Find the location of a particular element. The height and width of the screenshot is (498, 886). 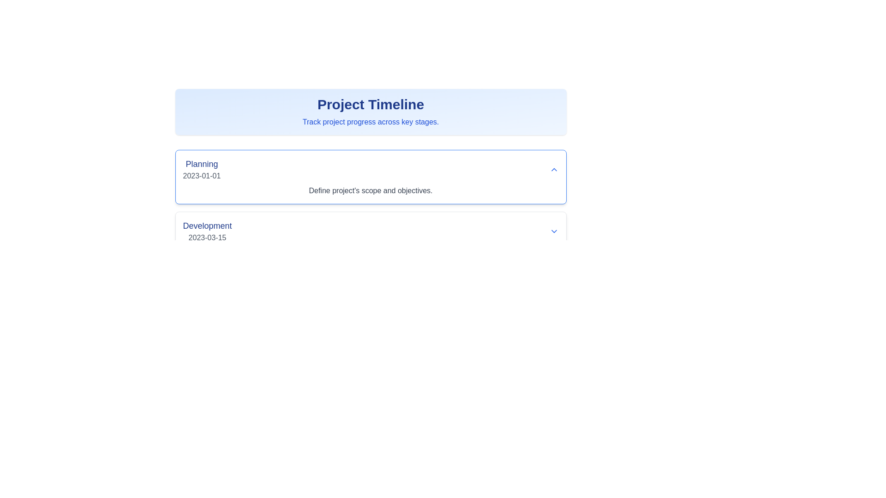

the text display element that shows 'Development' in a larger blue bold font and the date '2023-03-15' in a smaller gray font, located under the 'Planning' section is located at coordinates (207, 231).